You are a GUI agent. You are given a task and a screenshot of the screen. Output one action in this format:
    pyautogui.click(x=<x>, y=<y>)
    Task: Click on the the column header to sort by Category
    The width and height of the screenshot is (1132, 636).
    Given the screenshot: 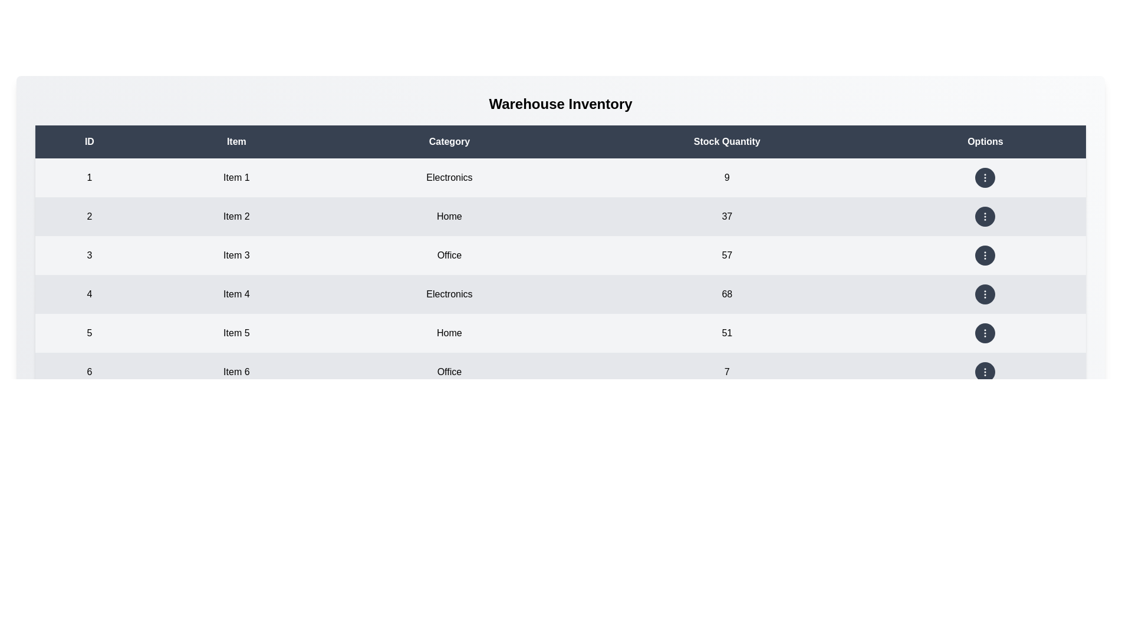 What is the action you would take?
    pyautogui.click(x=449, y=141)
    